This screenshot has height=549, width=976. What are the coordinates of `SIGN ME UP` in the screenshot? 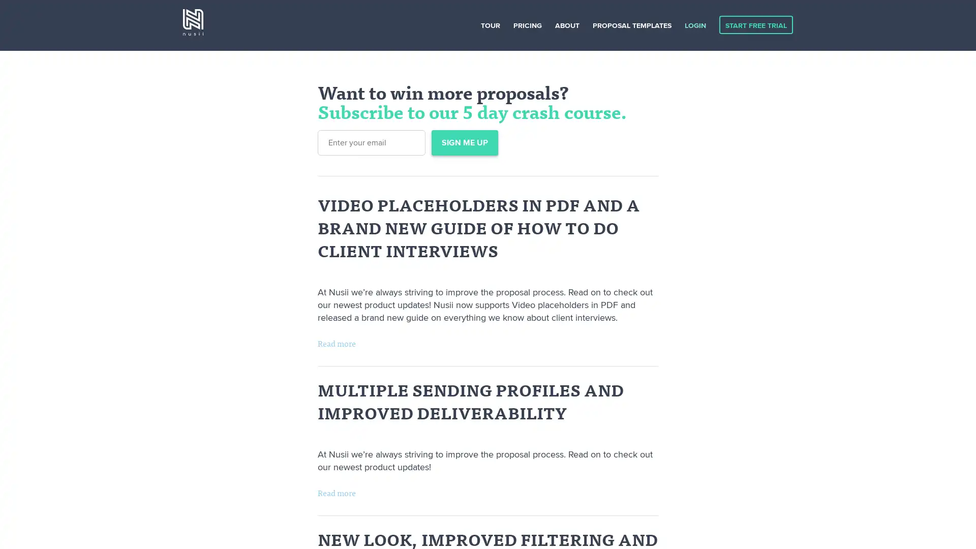 It's located at (464, 143).